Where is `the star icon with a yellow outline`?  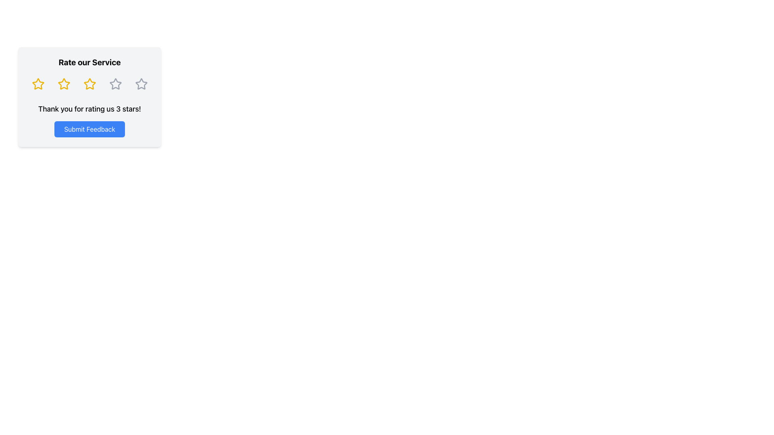 the star icon with a yellow outline is located at coordinates (89, 84).